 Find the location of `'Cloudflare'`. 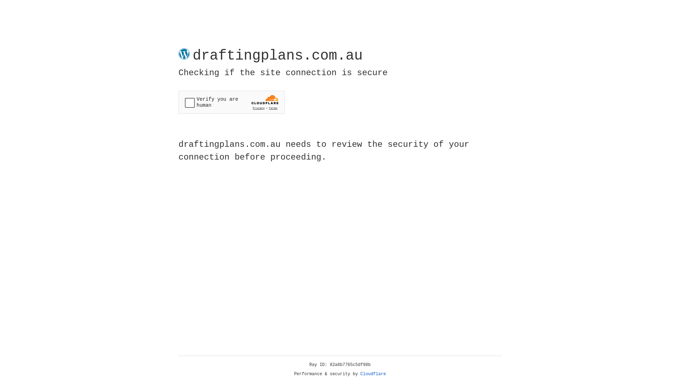

'Cloudflare' is located at coordinates (360, 374).